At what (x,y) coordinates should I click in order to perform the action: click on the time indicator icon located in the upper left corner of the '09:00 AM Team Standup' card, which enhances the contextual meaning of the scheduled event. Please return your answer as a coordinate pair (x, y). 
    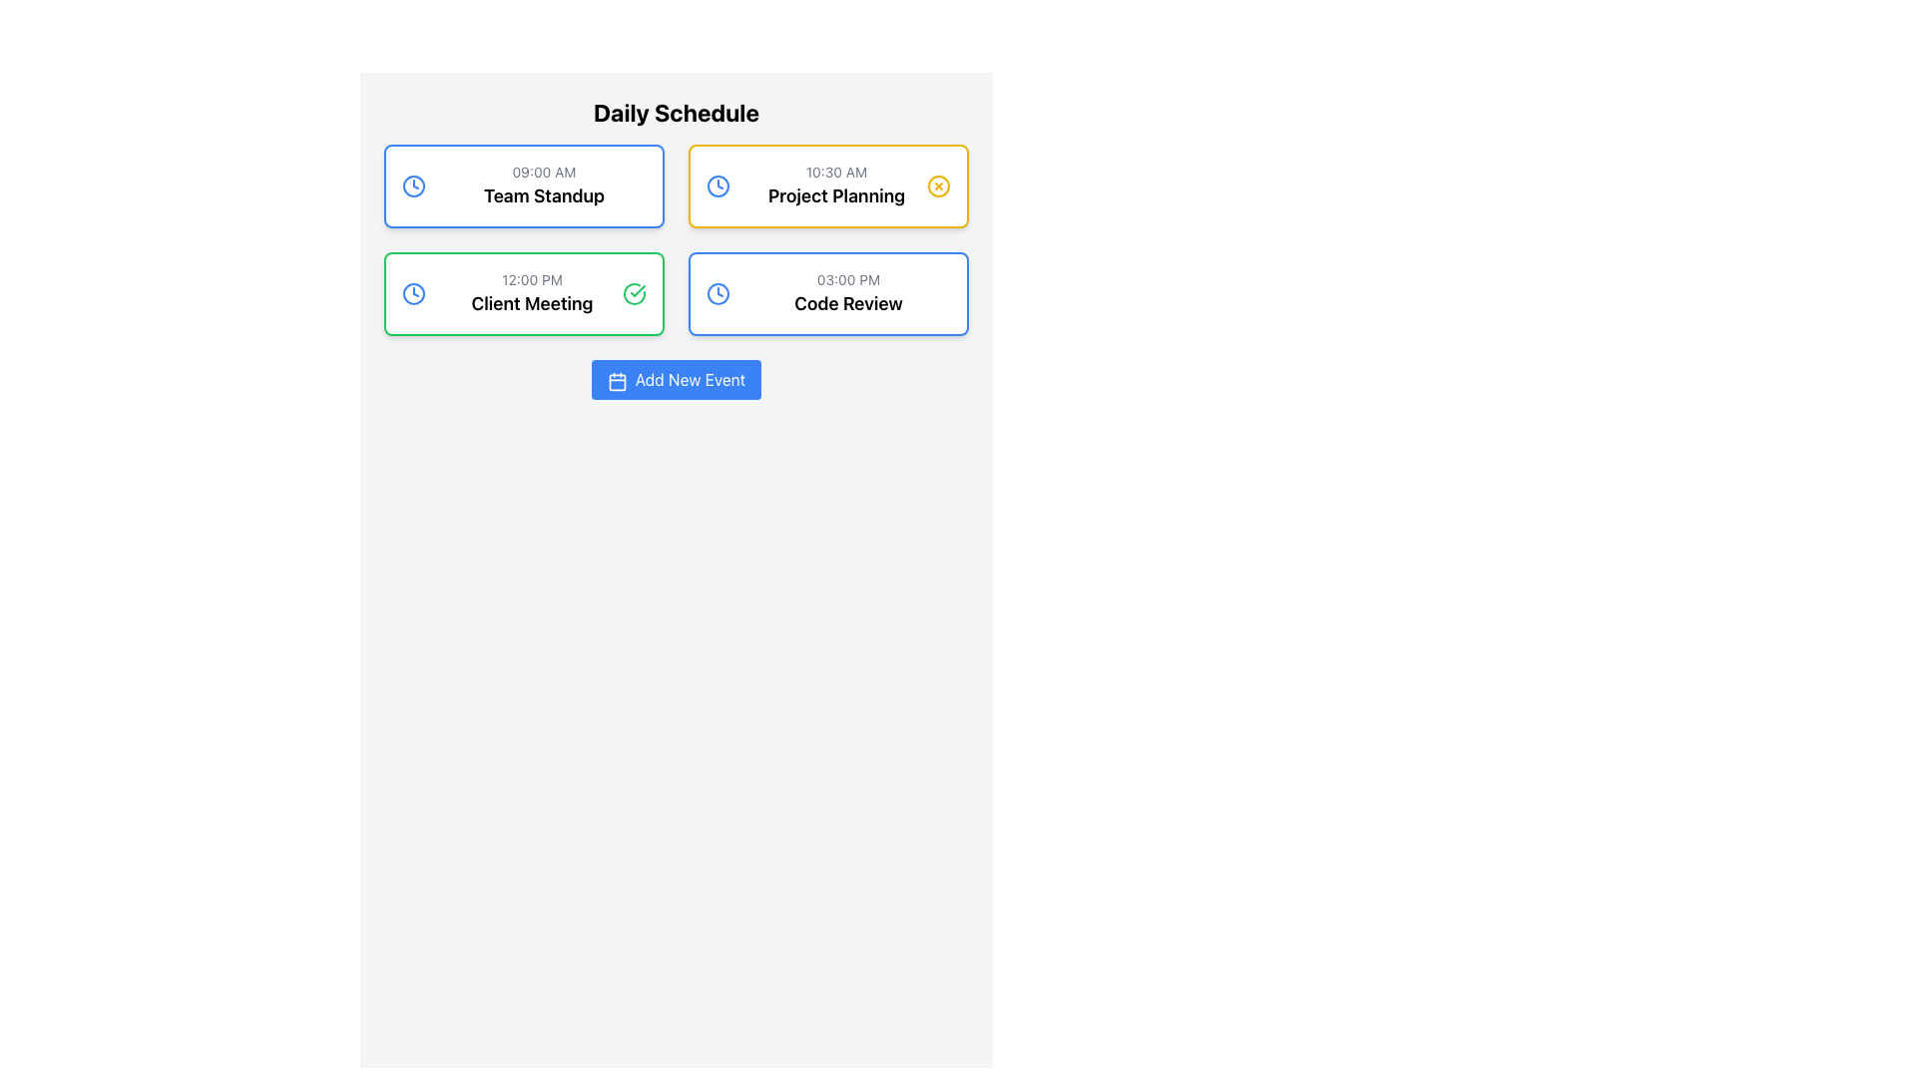
    Looking at the image, I should click on (412, 185).